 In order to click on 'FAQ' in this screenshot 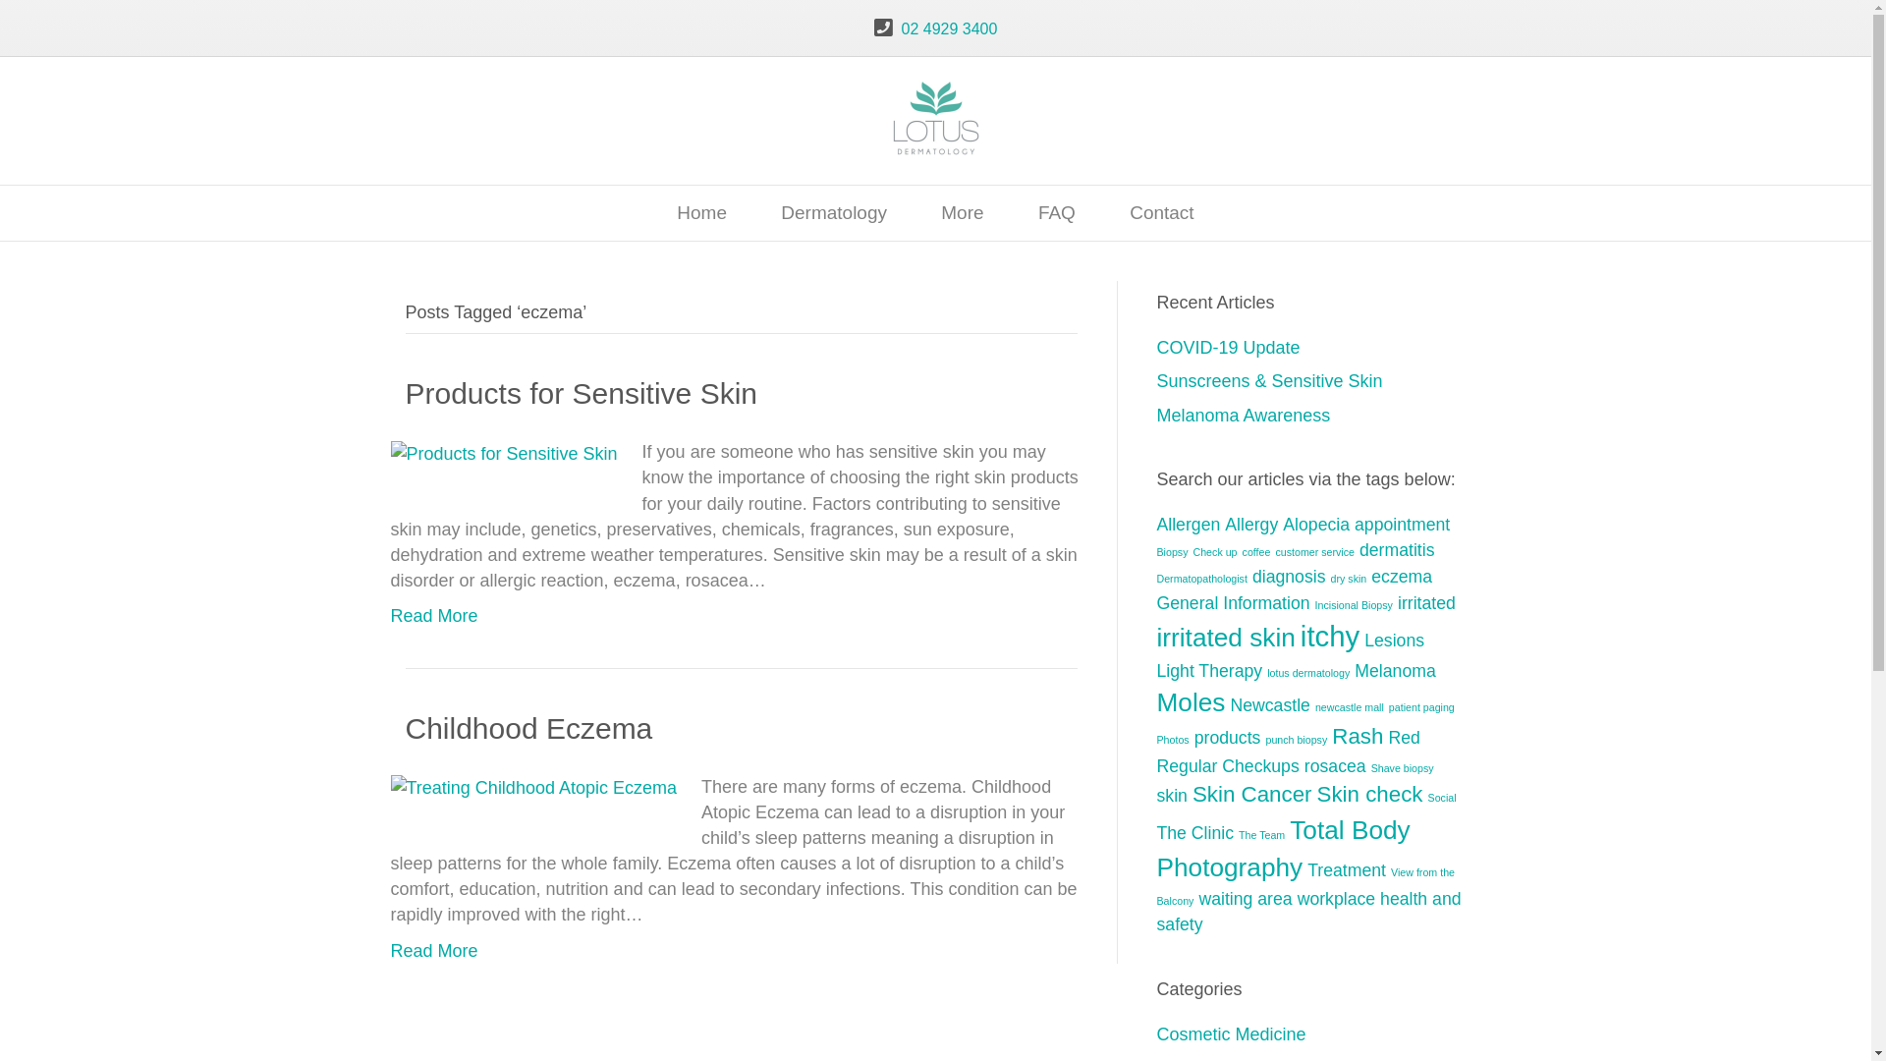, I will do `click(1055, 213)`.